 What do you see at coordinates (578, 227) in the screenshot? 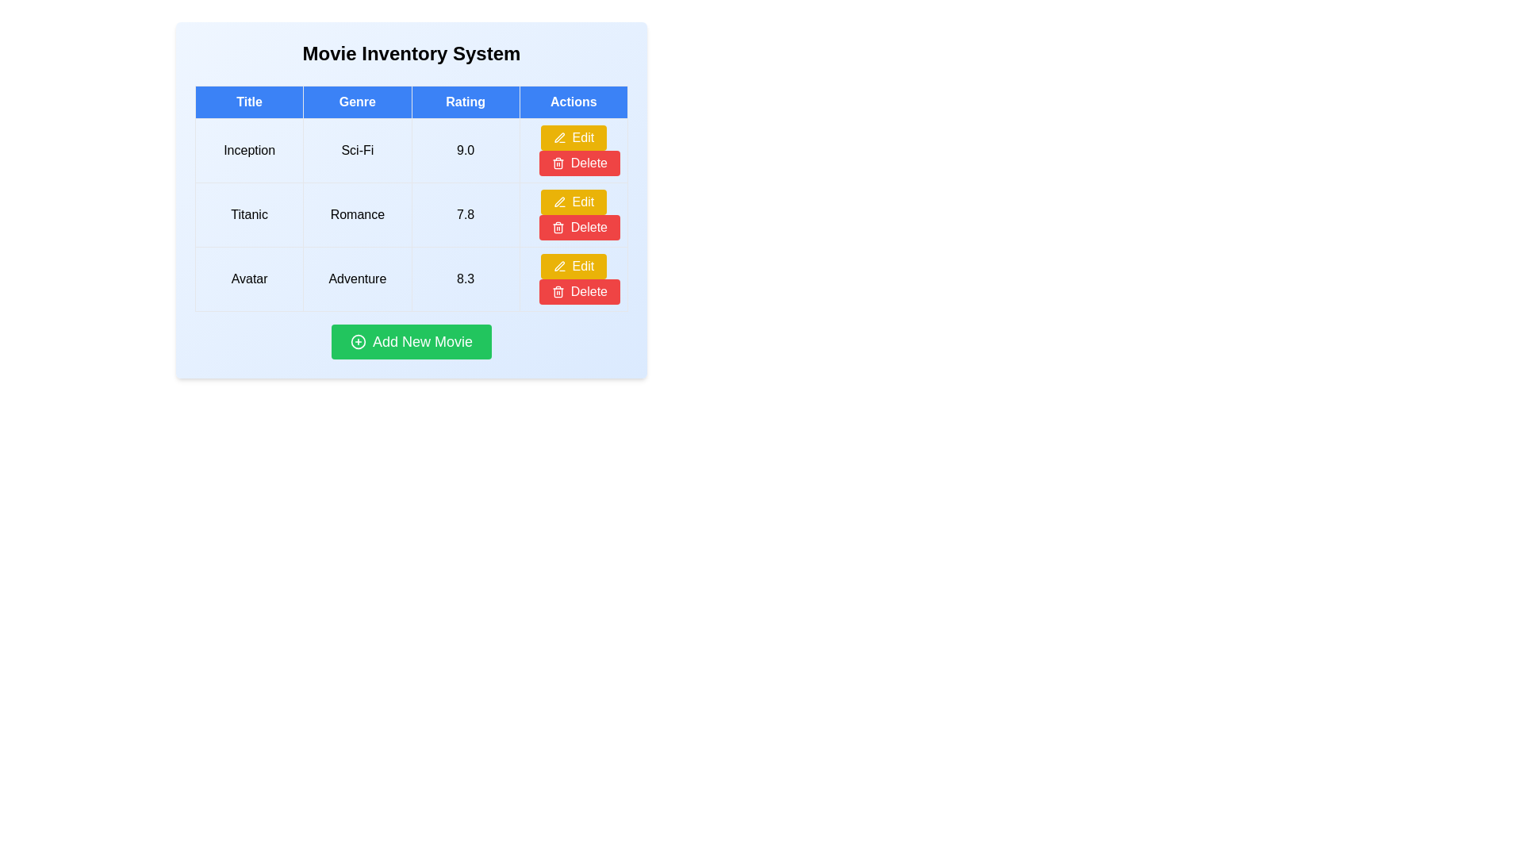
I see `the delete button located in the 'Actions' column of the second row, next to the 'Titanic' movie record, to observe hover effects` at bounding box center [578, 227].